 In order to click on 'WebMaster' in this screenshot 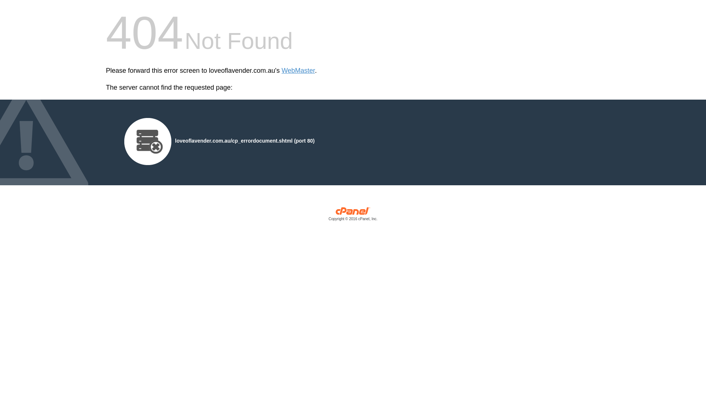, I will do `click(281, 71)`.